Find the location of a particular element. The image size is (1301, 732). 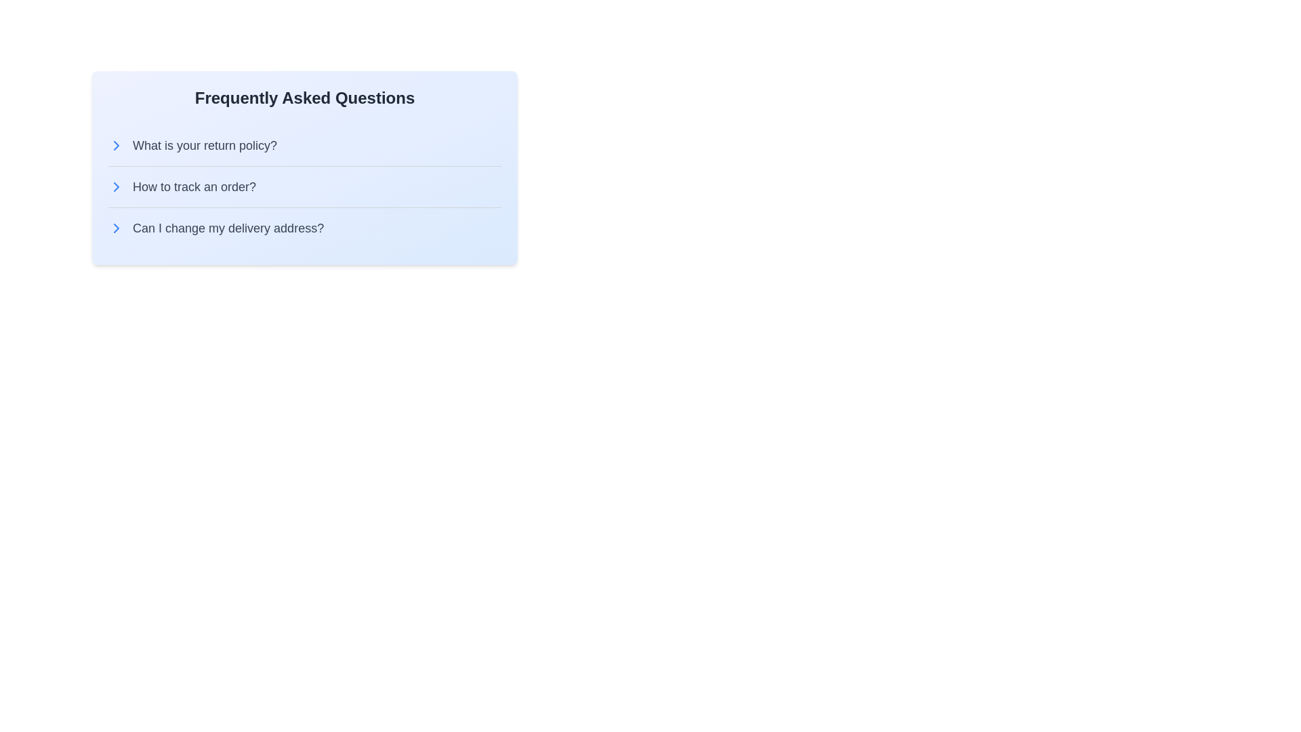

the button labeled 'What is your return policy?' is located at coordinates (304, 146).